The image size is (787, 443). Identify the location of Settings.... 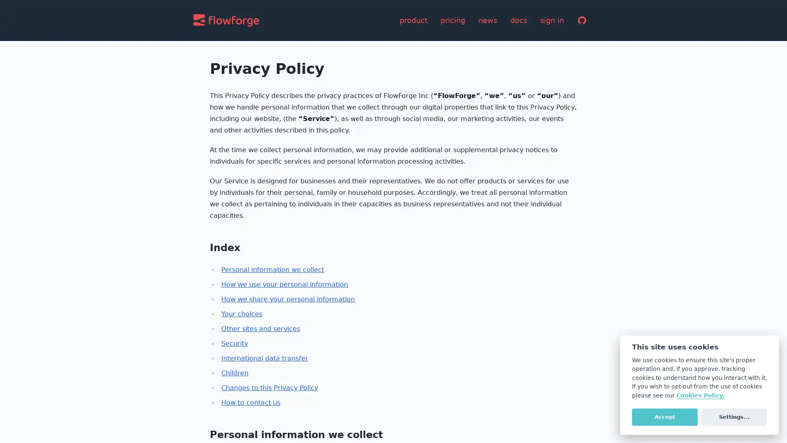
(734, 416).